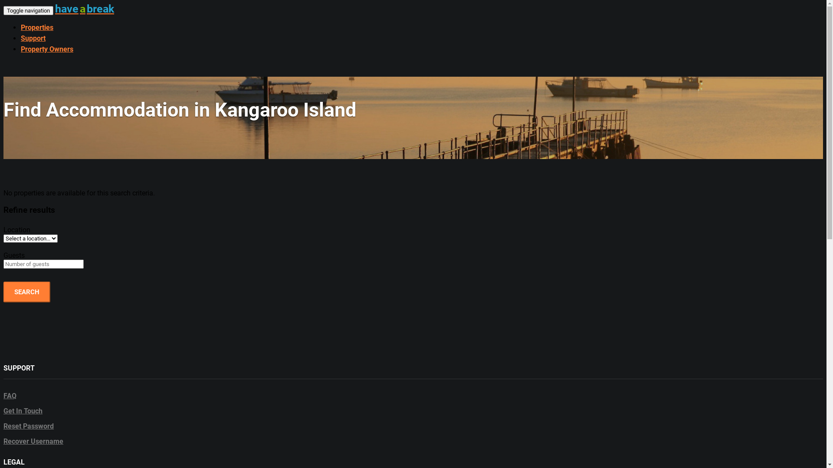 This screenshot has width=833, height=468. Describe the element at coordinates (36, 27) in the screenshot. I see `'Properties'` at that location.